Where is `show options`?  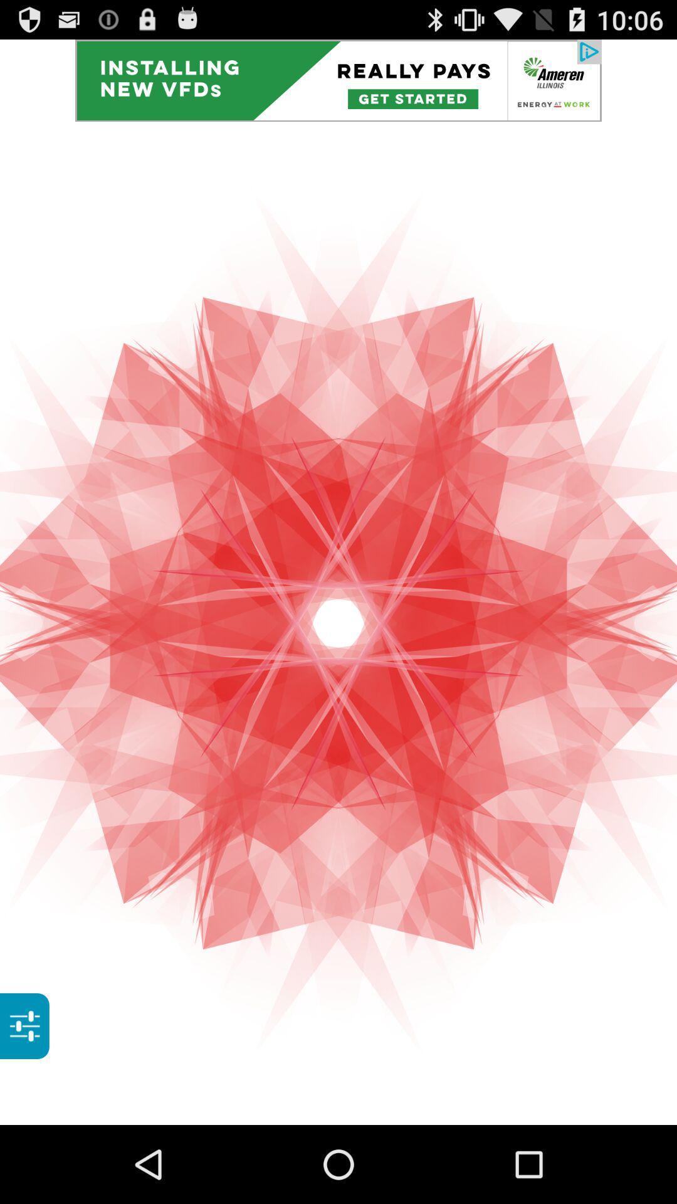
show options is located at coordinates (24, 1026).